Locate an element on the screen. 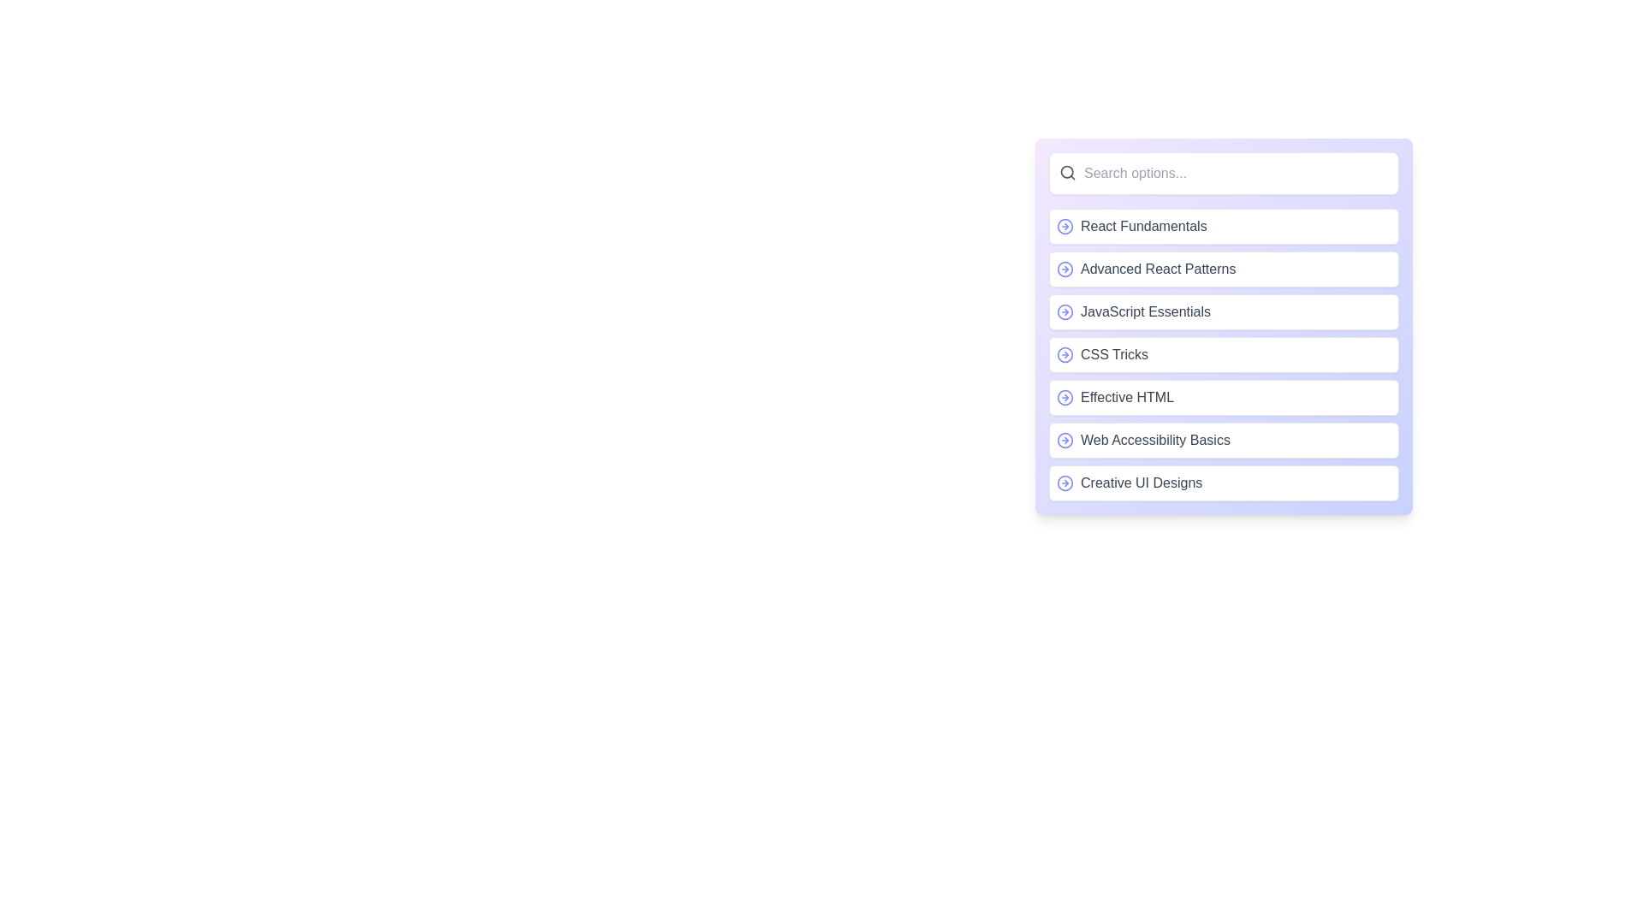 Image resolution: width=1643 pixels, height=924 pixels. the icon indicating navigation for 'JavaScript Essentials', positioned at the beginning of the list item is located at coordinates (1064, 312).